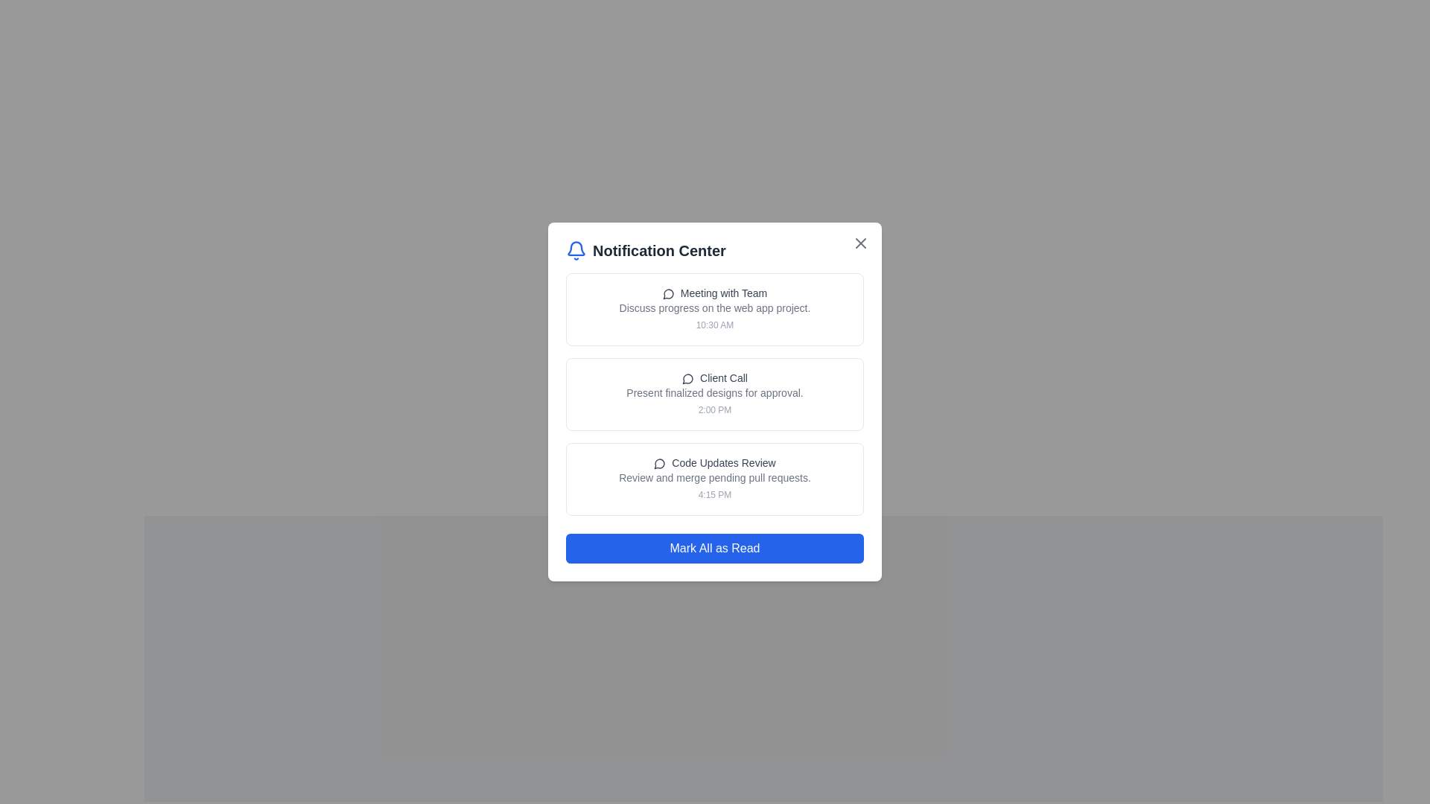 This screenshot has height=804, width=1430. I want to click on the icon located to the left of the text 'Client Call' within the 'Notification Center' to understand the type of notification it represents, so click(687, 378).